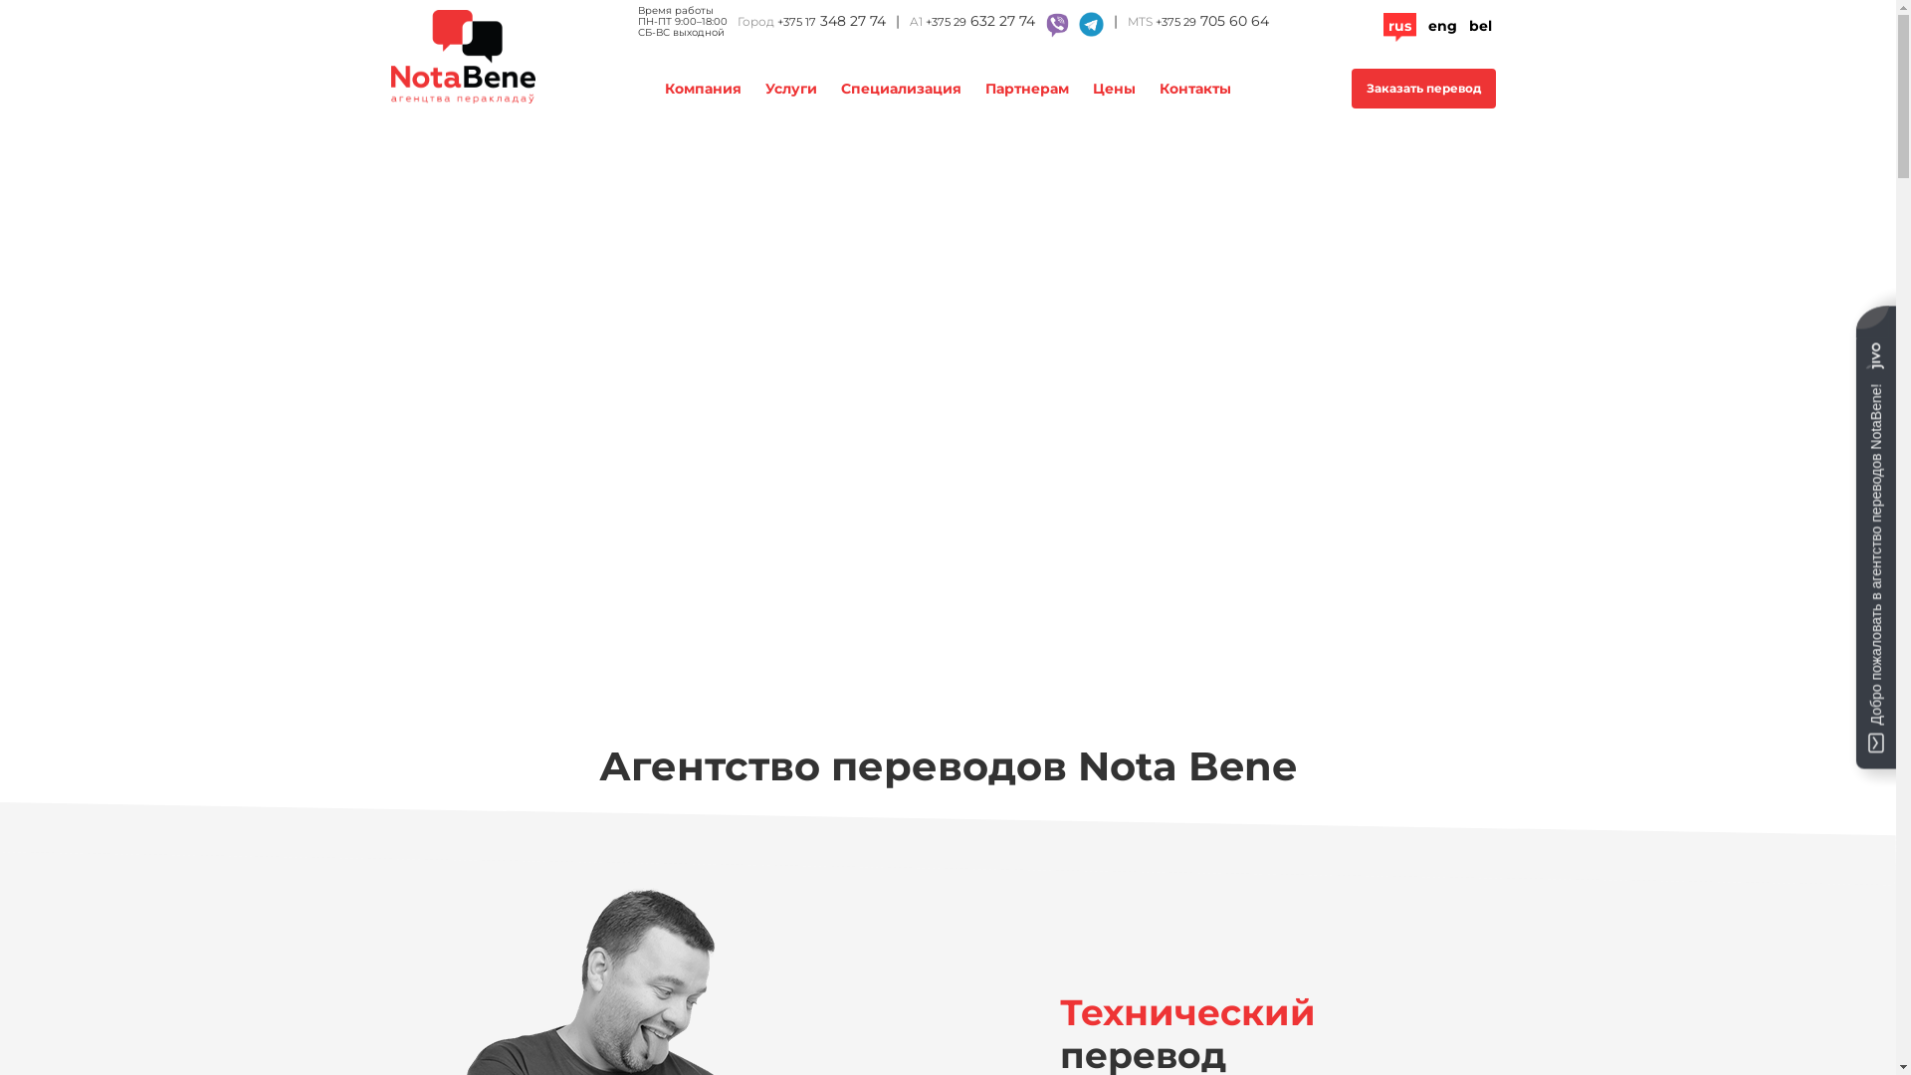 The width and height of the screenshot is (1911, 1075). I want to click on '+375 29 632 27 74', so click(979, 23).